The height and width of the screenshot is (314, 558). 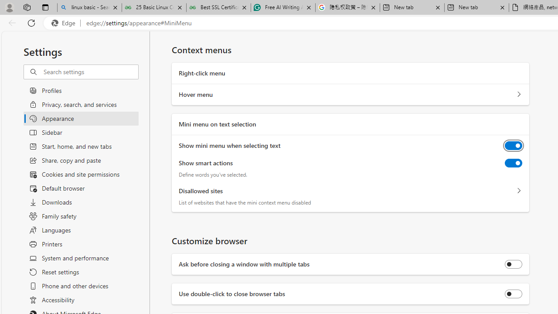 What do you see at coordinates (218, 7) in the screenshot?
I see `'Best SSL Certificates Provider in India - GeeksforGeeks'` at bounding box center [218, 7].